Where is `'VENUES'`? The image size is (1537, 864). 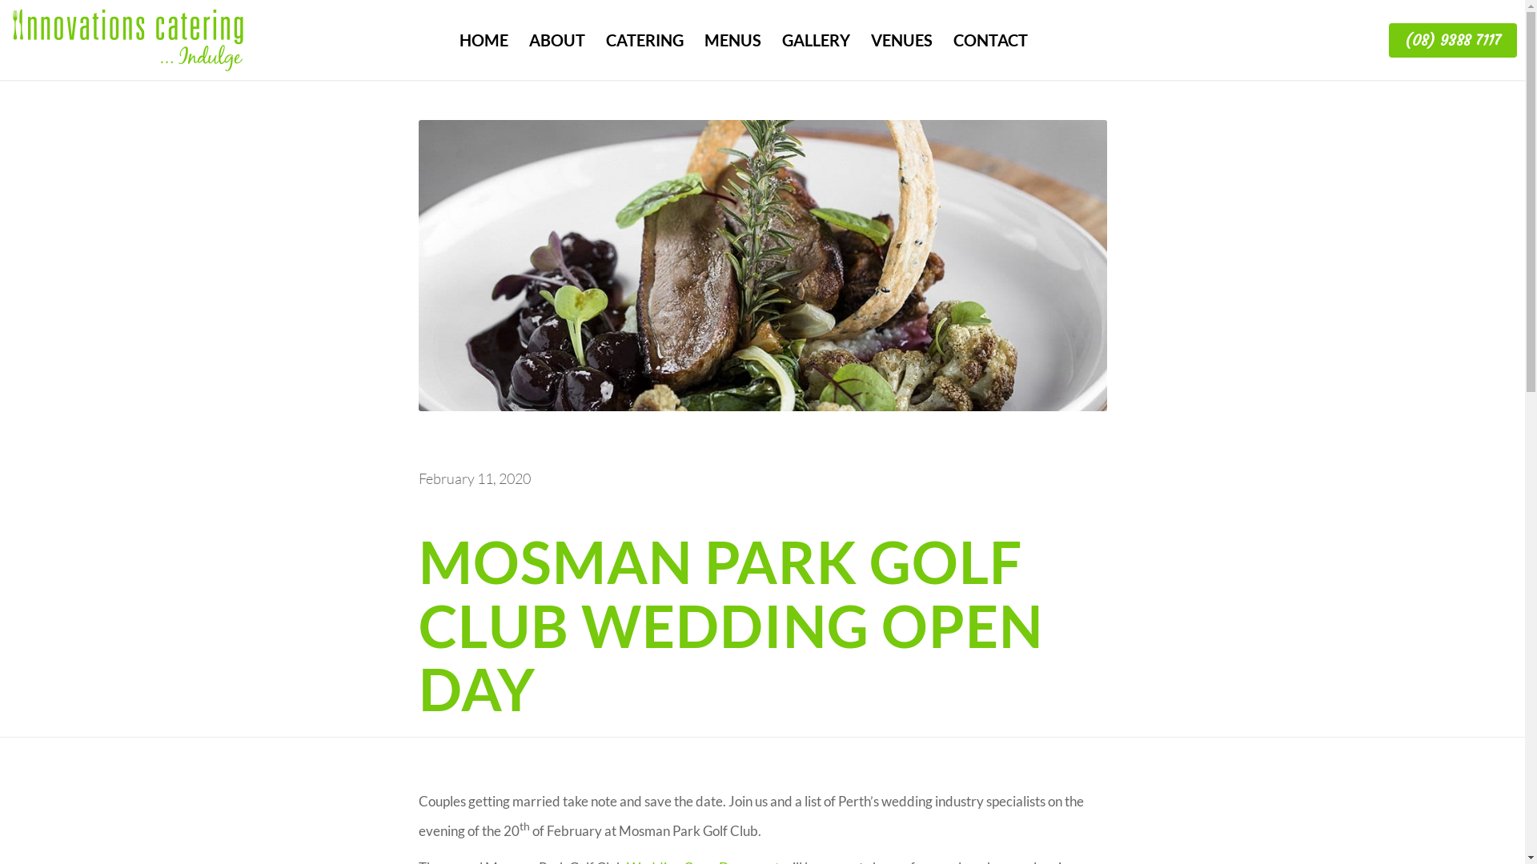 'VENUES' is located at coordinates (901, 47).